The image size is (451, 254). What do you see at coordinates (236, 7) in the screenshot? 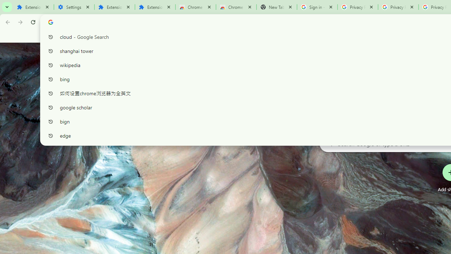
I see `'Chrome Web Store - Themes'` at bounding box center [236, 7].